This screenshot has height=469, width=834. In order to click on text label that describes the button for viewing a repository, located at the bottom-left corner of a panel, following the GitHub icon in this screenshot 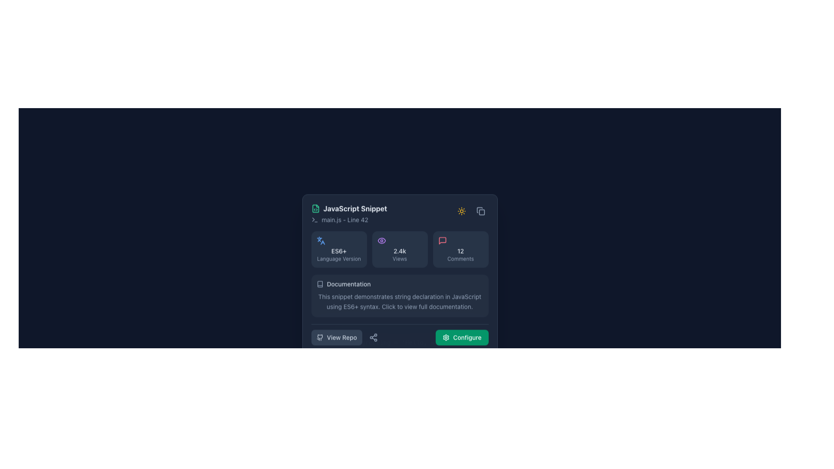, I will do `click(341, 337)`.